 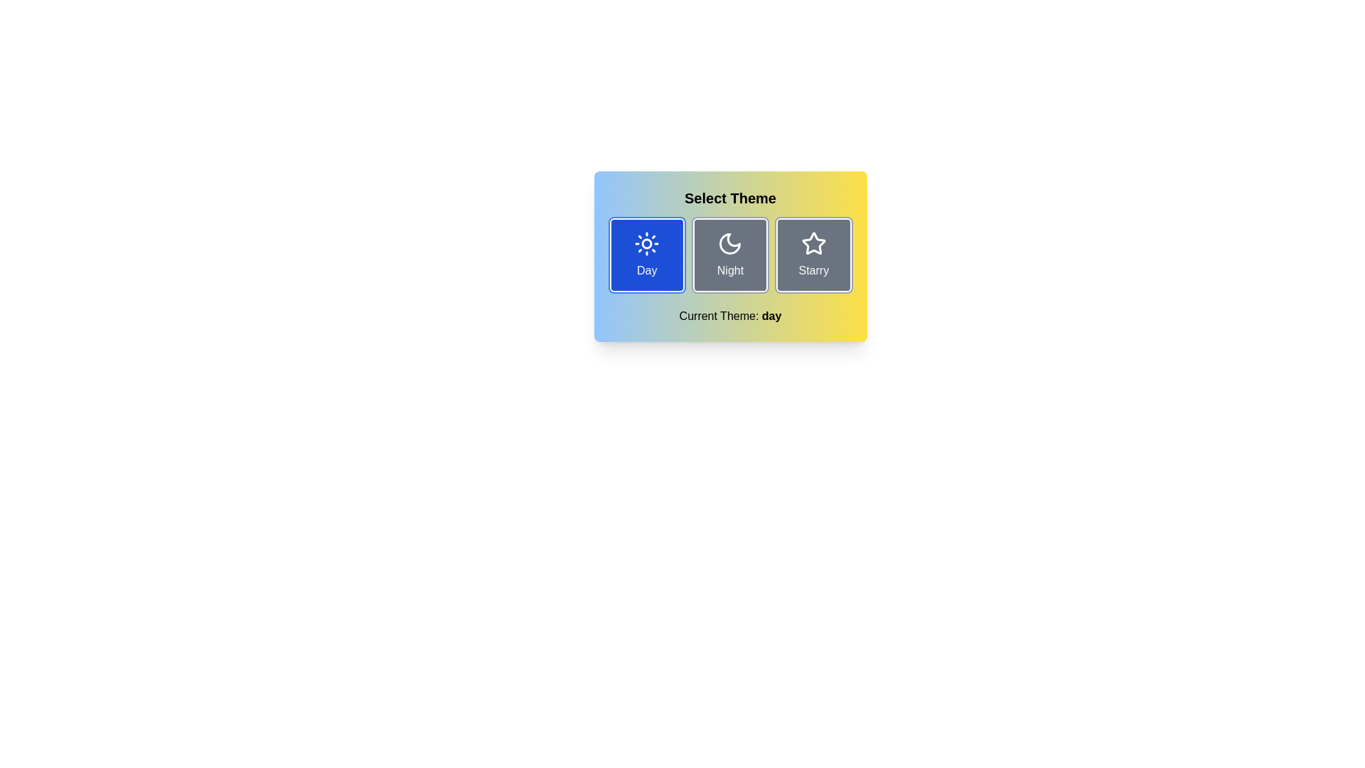 What do you see at coordinates (646, 254) in the screenshot?
I see `the theme button labeled Day to toggle the theme` at bounding box center [646, 254].